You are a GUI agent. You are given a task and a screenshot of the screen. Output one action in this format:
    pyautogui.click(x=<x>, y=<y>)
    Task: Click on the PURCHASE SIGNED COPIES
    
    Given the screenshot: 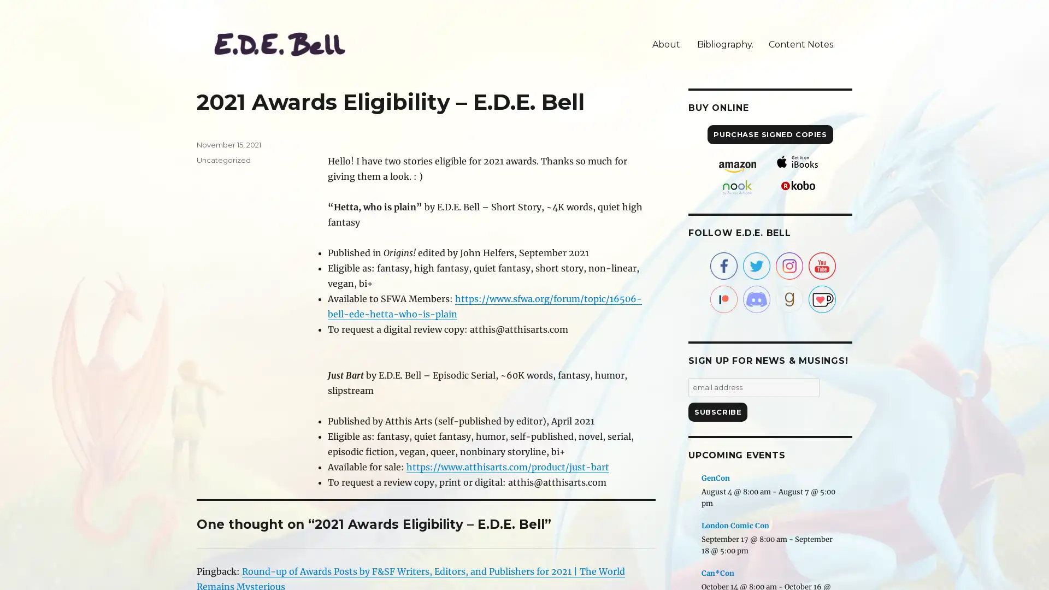 What is the action you would take?
    pyautogui.click(x=769, y=134)
    